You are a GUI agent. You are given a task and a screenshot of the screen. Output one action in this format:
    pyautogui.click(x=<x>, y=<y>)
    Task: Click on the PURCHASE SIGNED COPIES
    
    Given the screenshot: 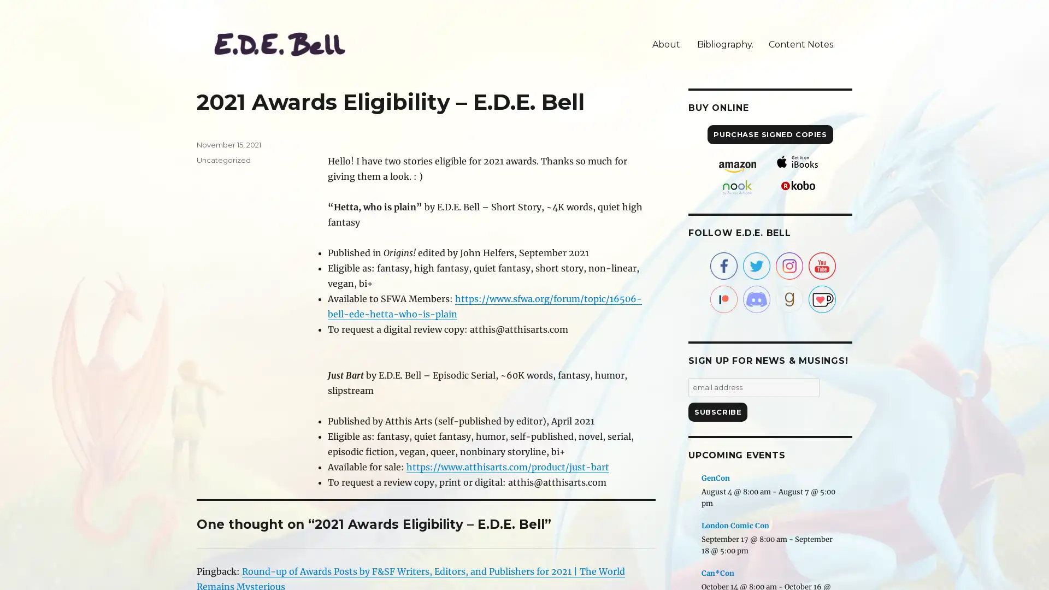 What is the action you would take?
    pyautogui.click(x=769, y=134)
    